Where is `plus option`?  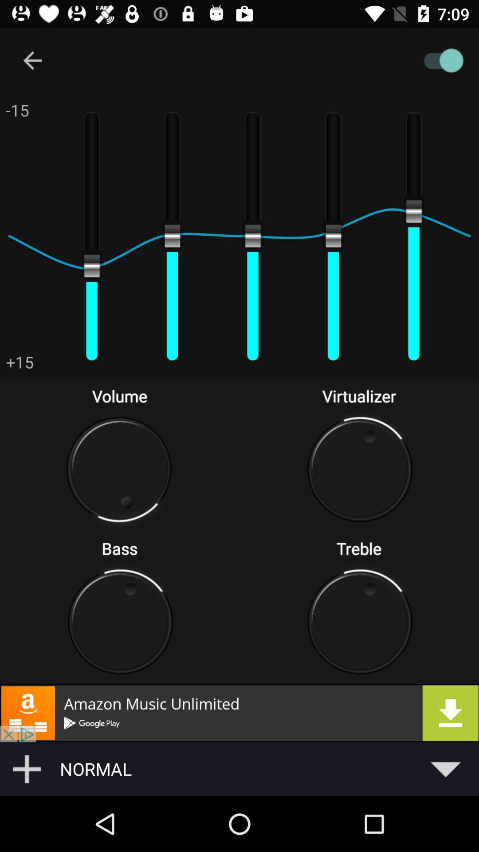 plus option is located at coordinates (26, 769).